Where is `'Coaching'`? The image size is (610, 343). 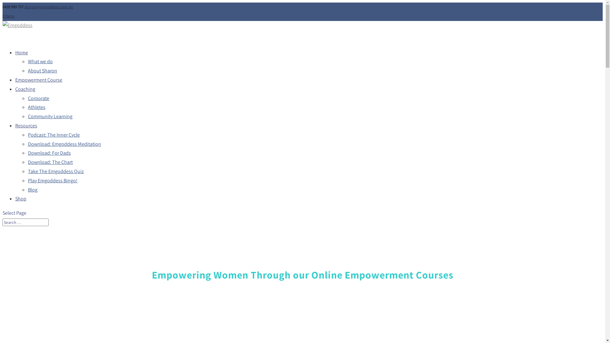 'Coaching' is located at coordinates (25, 91).